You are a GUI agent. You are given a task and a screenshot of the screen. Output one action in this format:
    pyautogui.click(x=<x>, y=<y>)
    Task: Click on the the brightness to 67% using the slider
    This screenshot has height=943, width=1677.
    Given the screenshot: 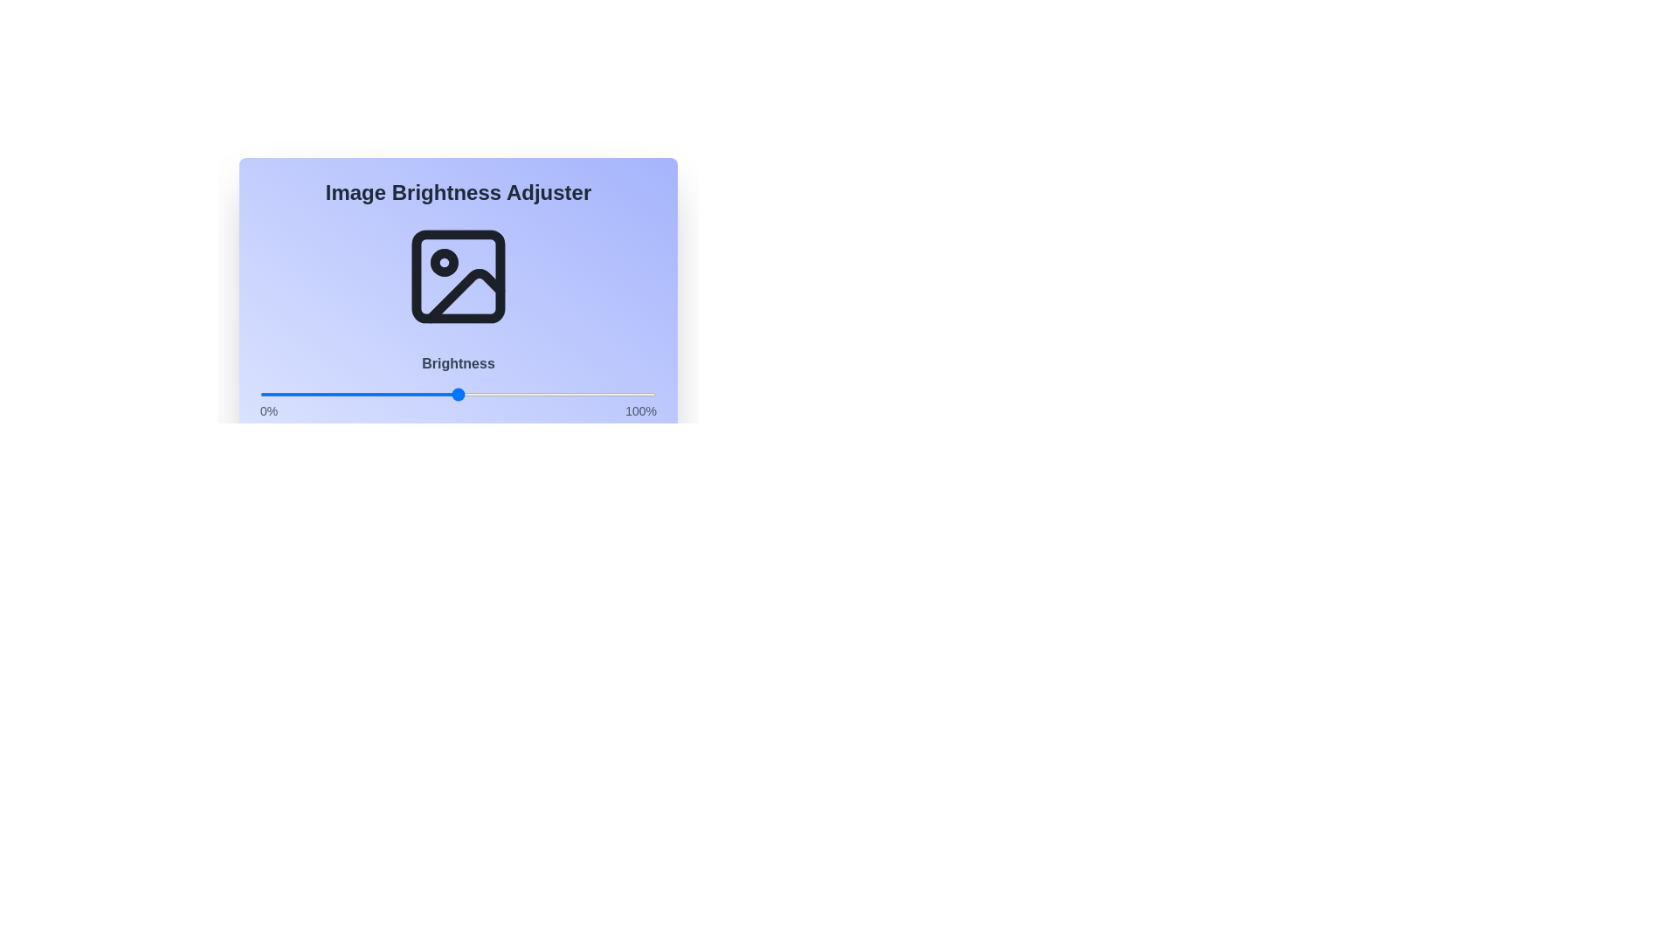 What is the action you would take?
    pyautogui.click(x=525, y=394)
    